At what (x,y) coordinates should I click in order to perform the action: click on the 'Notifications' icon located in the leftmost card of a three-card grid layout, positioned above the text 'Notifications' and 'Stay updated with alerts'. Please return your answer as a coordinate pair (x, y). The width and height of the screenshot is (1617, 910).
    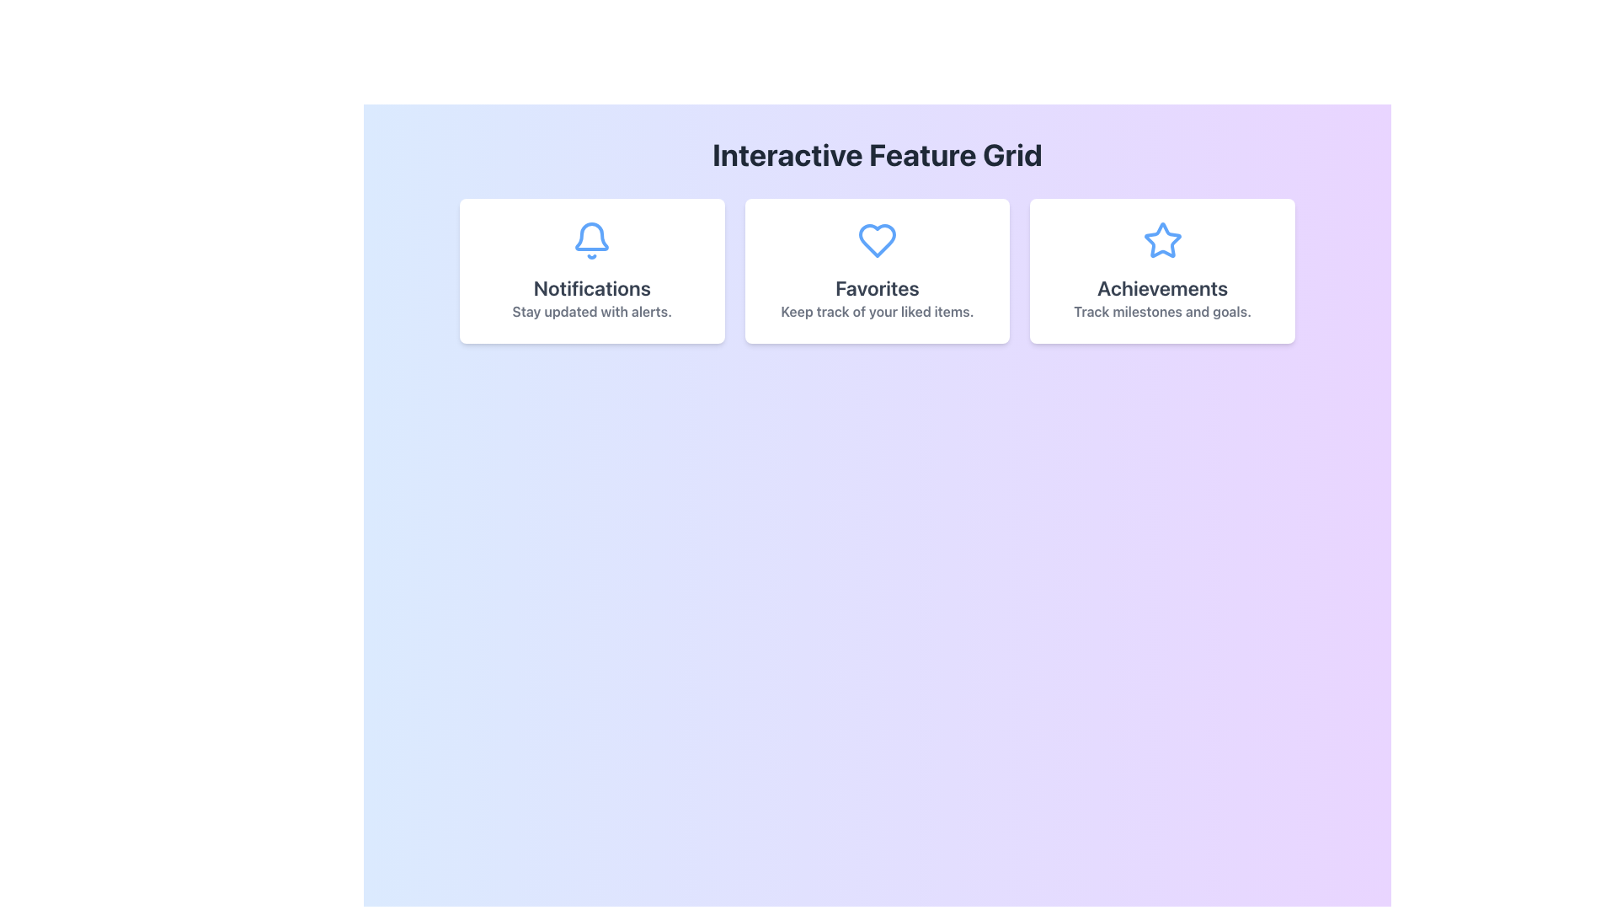
    Looking at the image, I should click on (592, 240).